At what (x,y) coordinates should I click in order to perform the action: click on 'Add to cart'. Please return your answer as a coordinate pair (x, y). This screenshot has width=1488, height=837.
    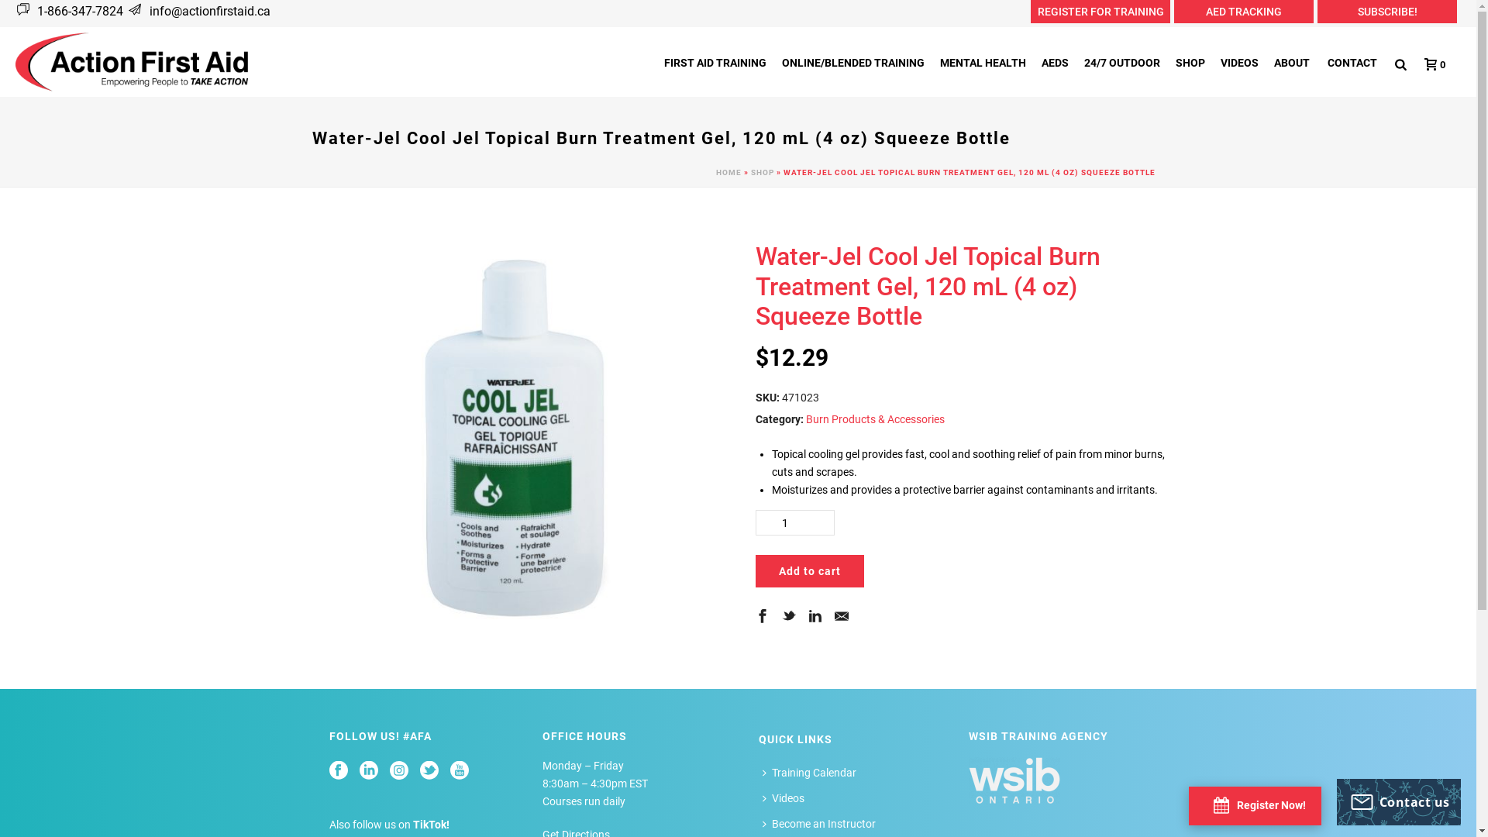
    Looking at the image, I should click on (755, 570).